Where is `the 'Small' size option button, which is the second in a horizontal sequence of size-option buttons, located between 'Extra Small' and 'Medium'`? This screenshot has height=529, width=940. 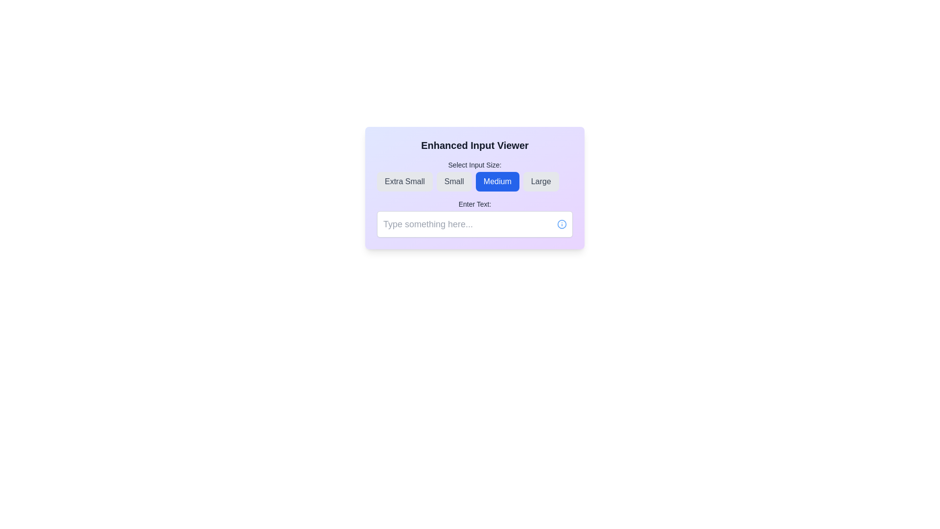
the 'Small' size option button, which is the second in a horizontal sequence of size-option buttons, located between 'Extra Small' and 'Medium' is located at coordinates (453, 181).